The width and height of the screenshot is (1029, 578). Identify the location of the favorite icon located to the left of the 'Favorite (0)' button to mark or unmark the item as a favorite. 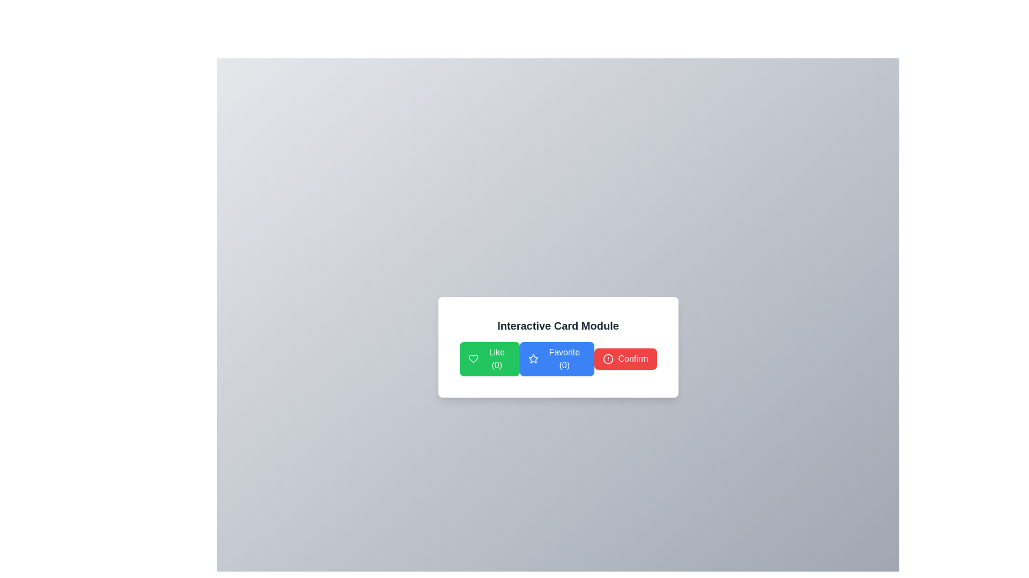
(533, 359).